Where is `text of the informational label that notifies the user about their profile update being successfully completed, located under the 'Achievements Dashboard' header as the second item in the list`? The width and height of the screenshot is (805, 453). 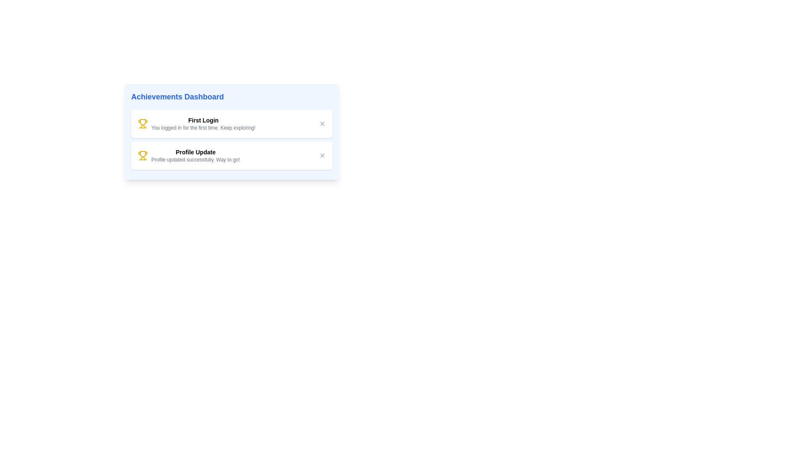
text of the informational label that notifies the user about their profile update being successfully completed, located under the 'Achievements Dashboard' header as the second item in the list is located at coordinates (195, 155).